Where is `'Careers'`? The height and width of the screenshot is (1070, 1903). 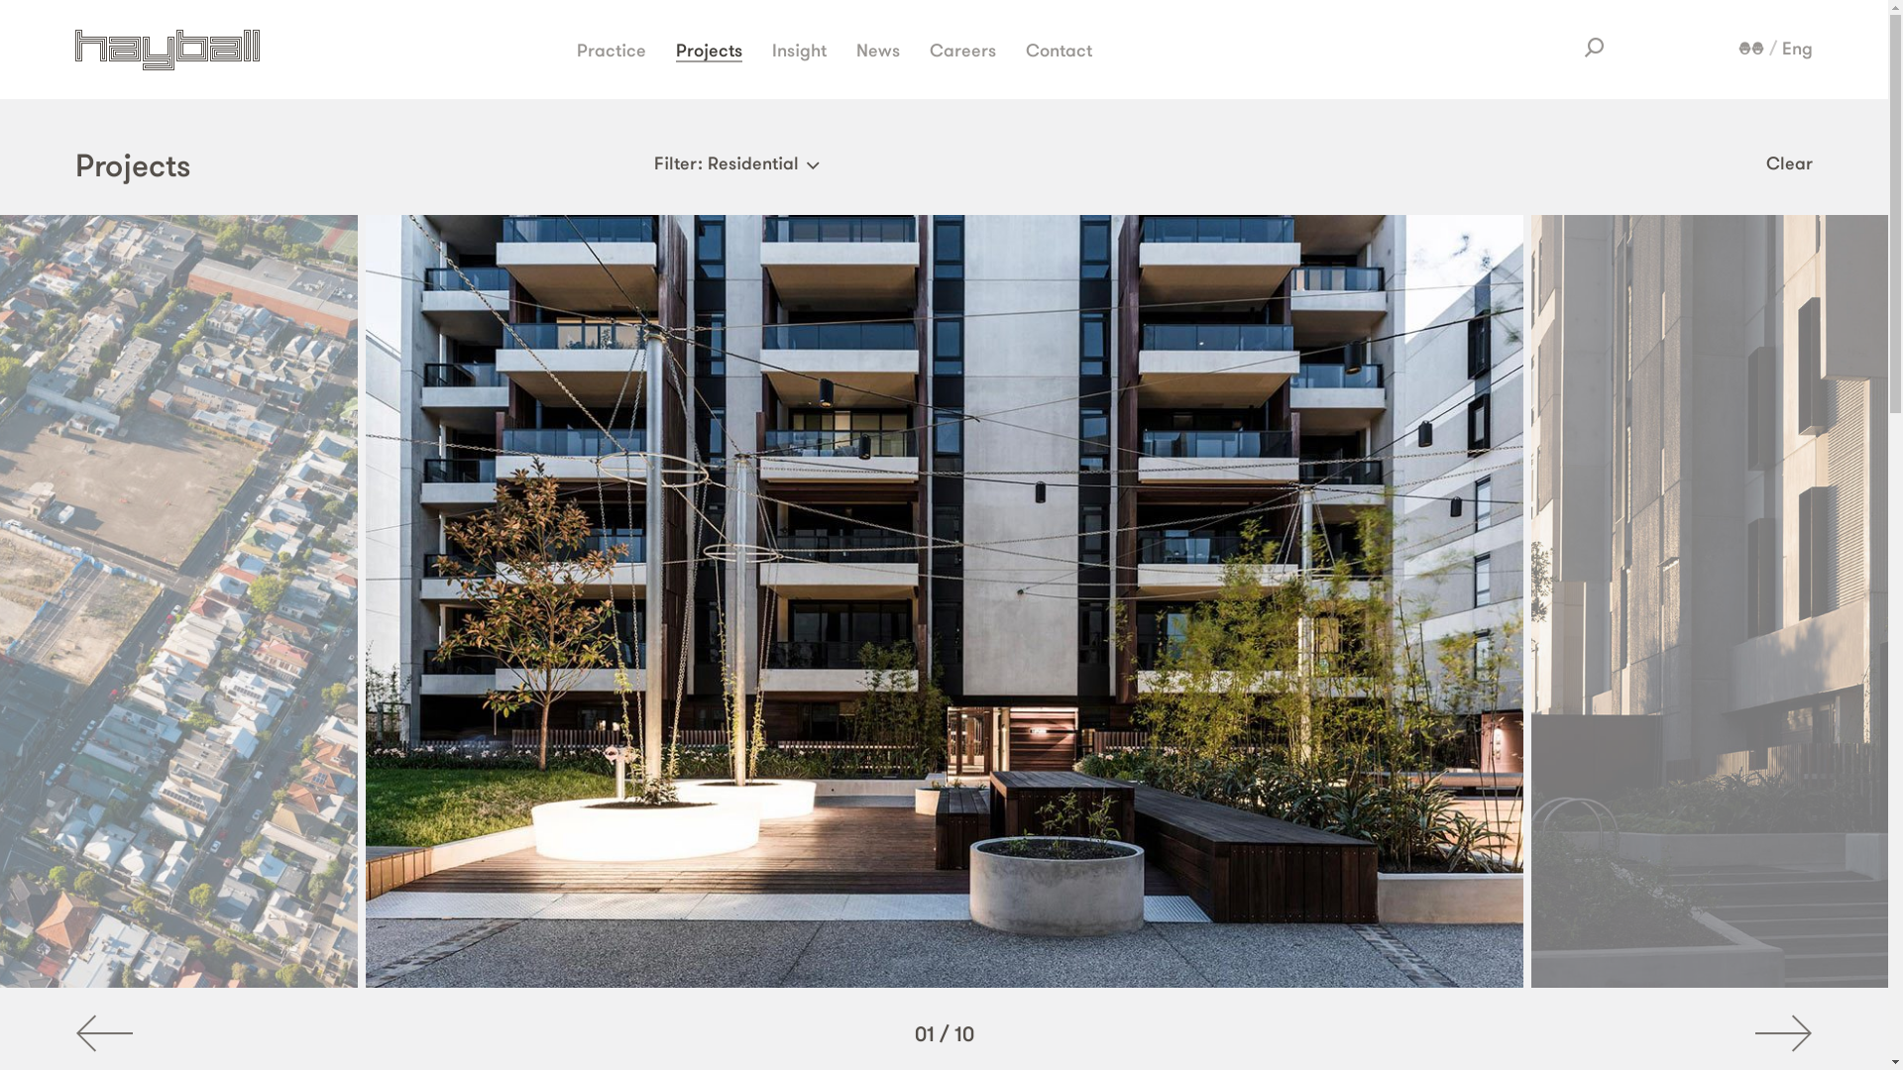 'Careers' is located at coordinates (962, 48).